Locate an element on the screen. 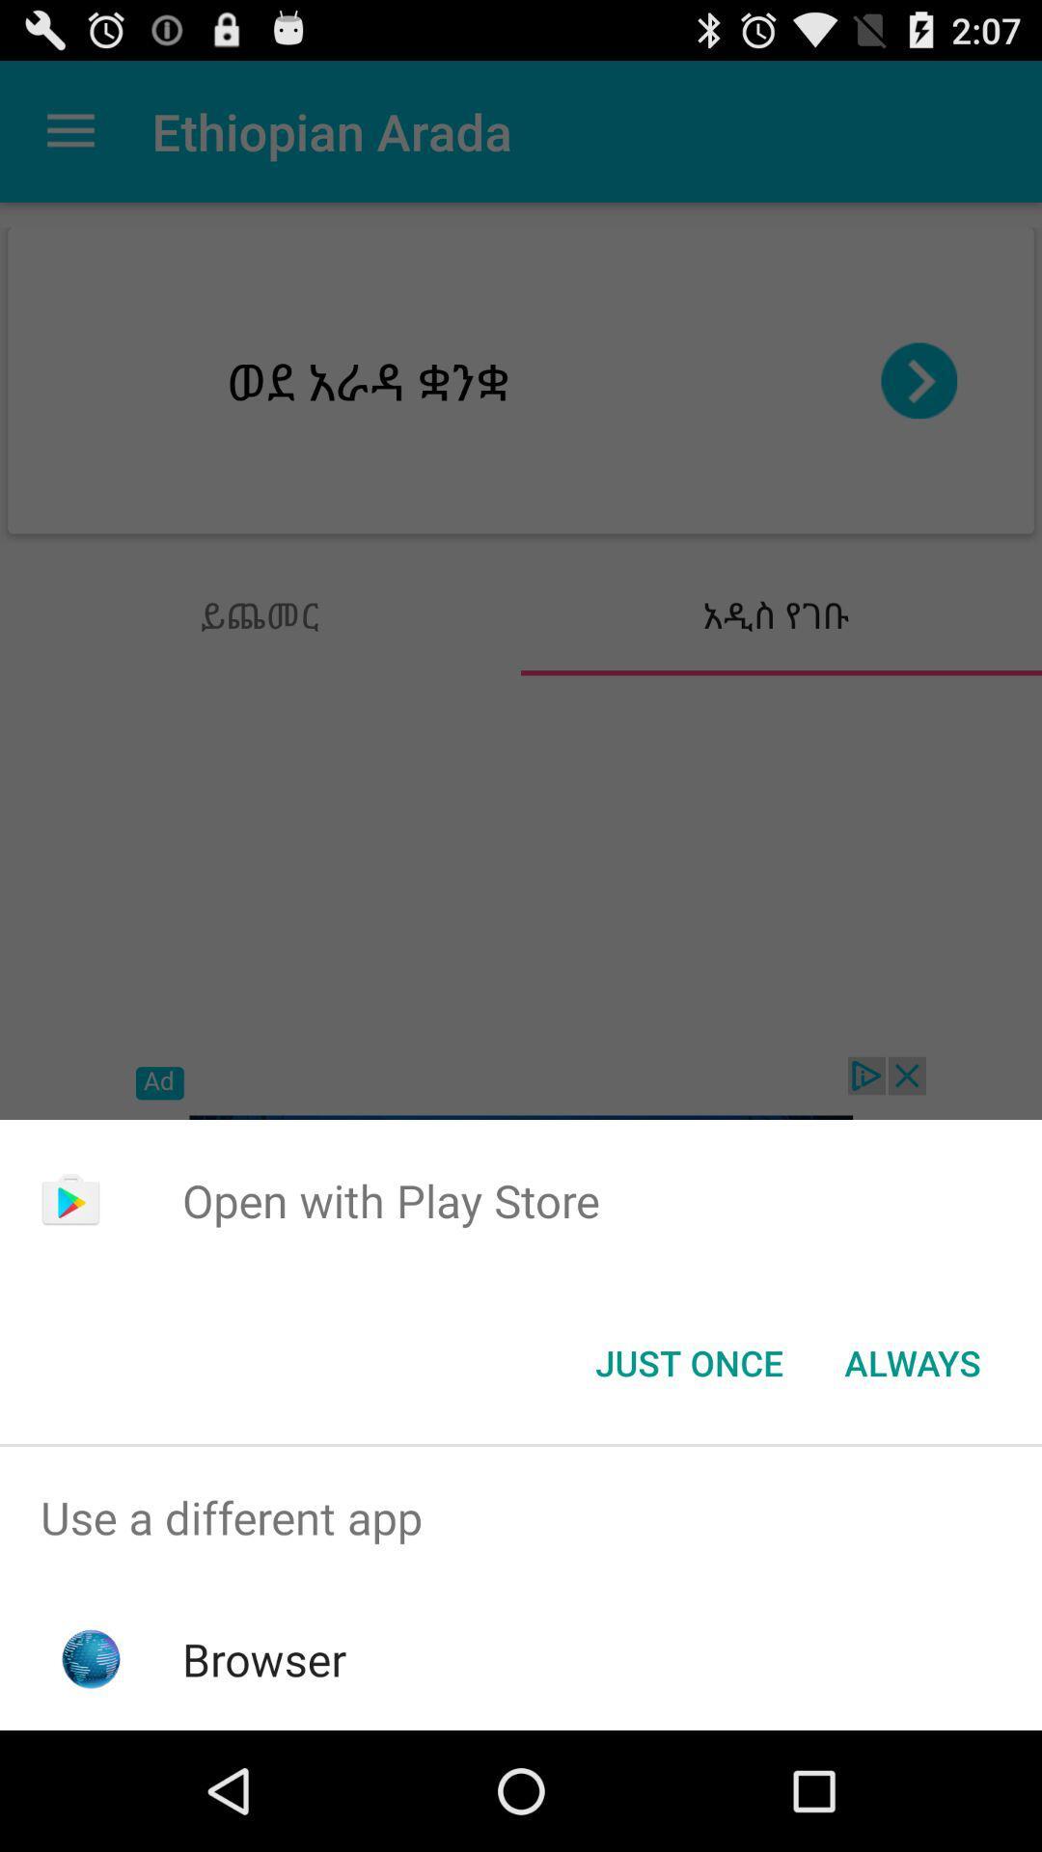 The image size is (1042, 1852). item at the bottom right corner is located at coordinates (912, 1361).